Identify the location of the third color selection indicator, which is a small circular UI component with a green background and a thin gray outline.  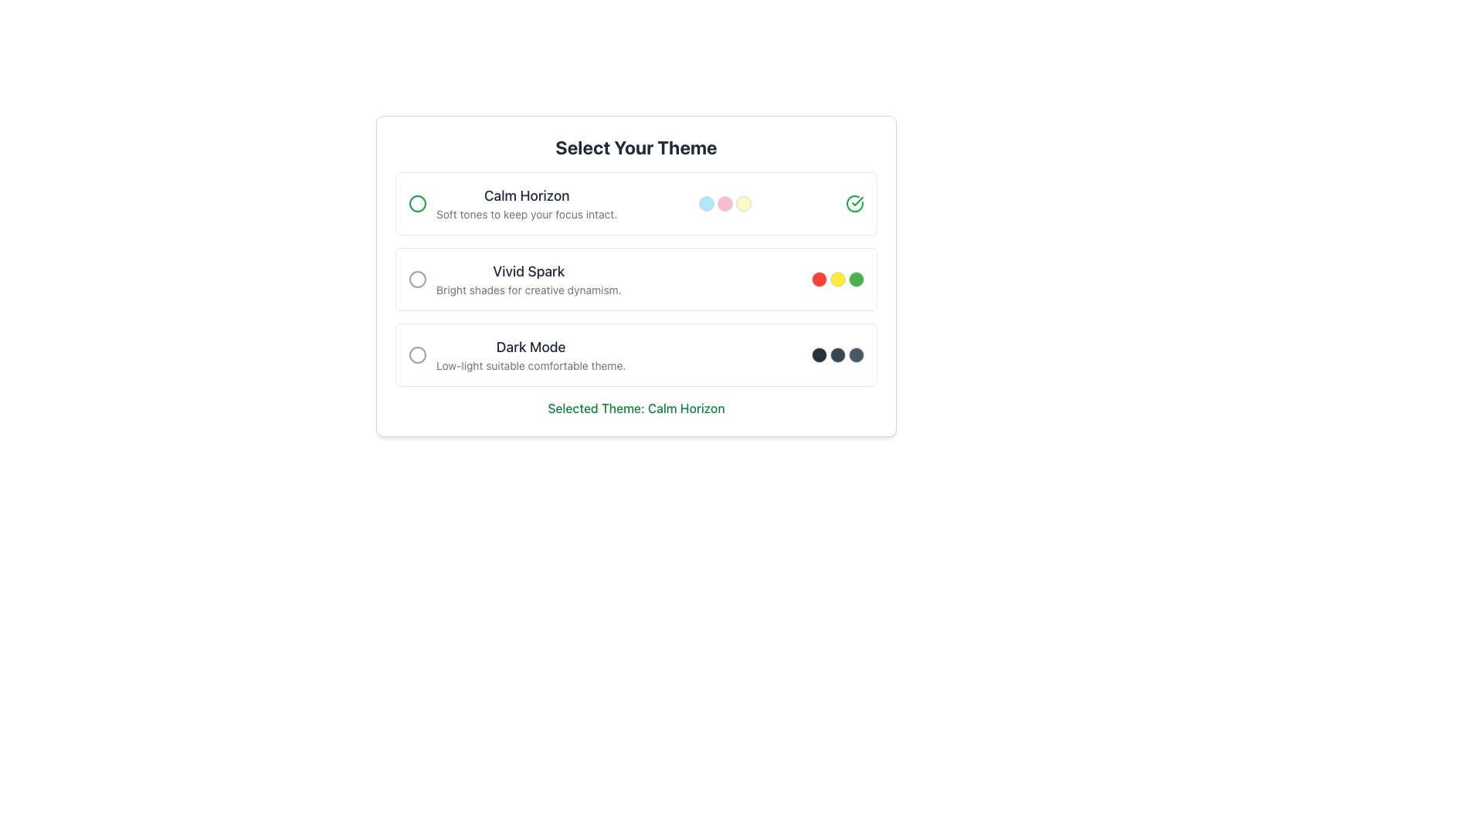
(855, 280).